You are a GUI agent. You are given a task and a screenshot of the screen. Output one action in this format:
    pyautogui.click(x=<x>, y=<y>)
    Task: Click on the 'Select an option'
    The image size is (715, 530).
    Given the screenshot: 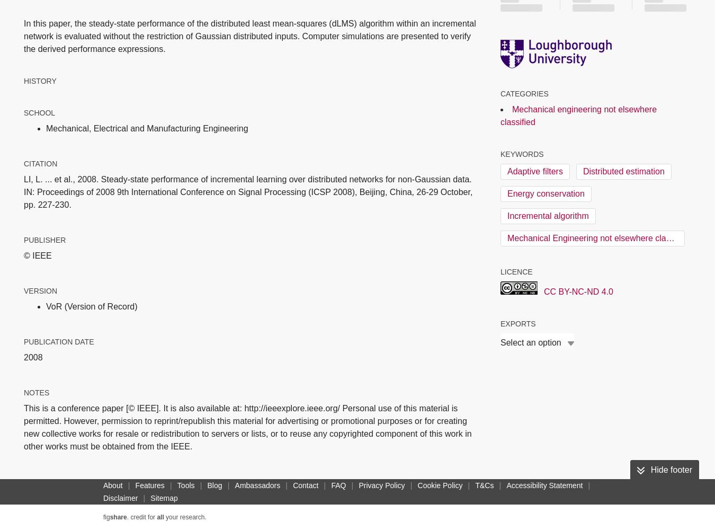 What is the action you would take?
    pyautogui.click(x=530, y=342)
    